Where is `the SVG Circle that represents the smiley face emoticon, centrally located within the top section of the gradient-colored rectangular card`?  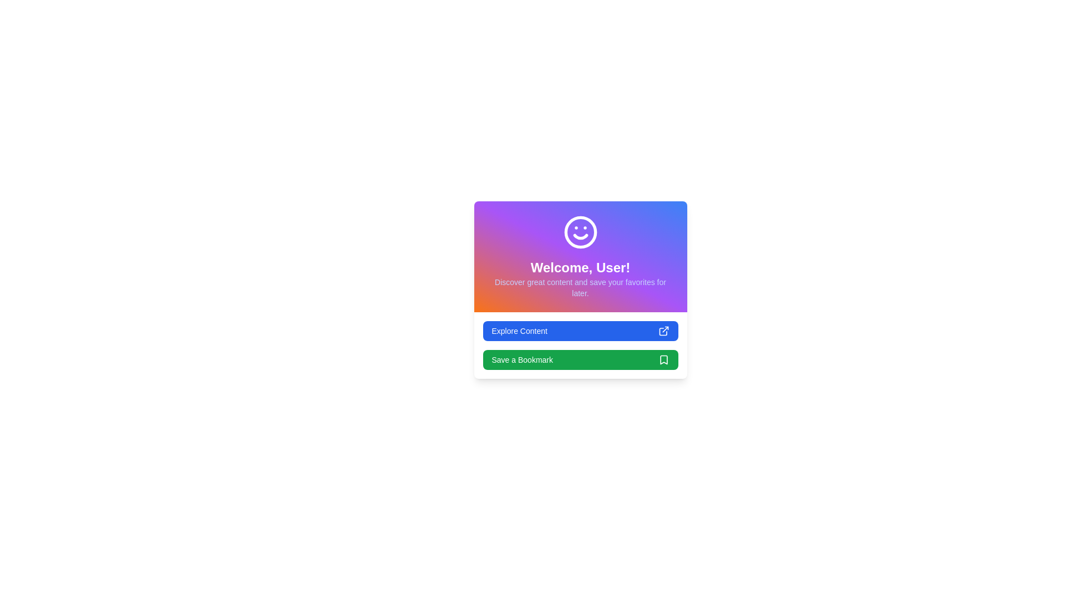
the SVG Circle that represents the smiley face emoticon, centrally located within the top section of the gradient-colored rectangular card is located at coordinates (580, 232).